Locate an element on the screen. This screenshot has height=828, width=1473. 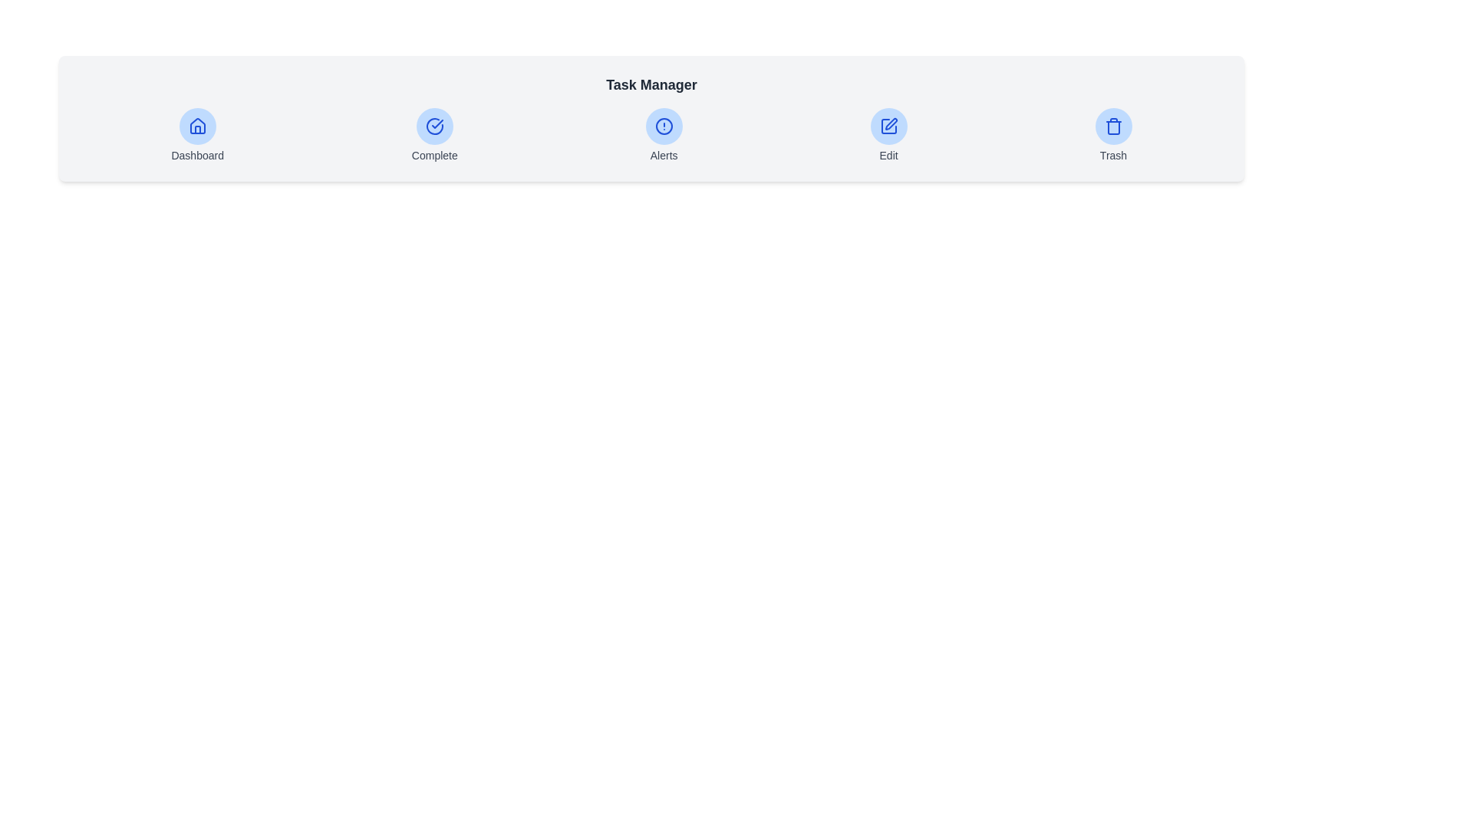
the 'Edit' SVG icon, which depicts a pencil over a square outline is located at coordinates (888, 126).